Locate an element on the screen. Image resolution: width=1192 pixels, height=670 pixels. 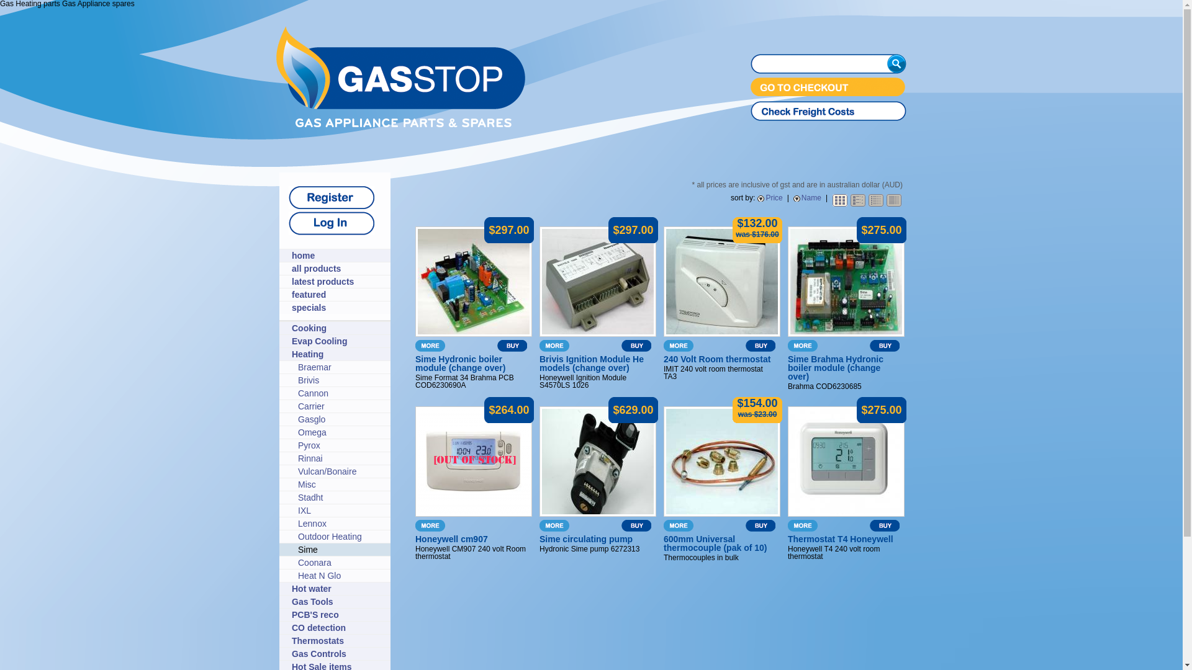
'Price' is located at coordinates (769, 197).